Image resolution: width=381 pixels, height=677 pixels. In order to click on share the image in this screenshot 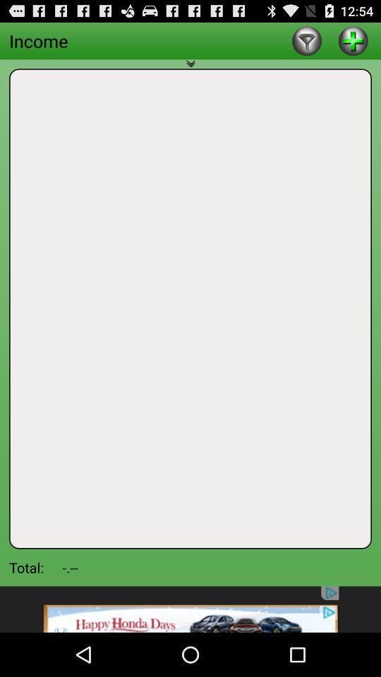, I will do `click(190, 609)`.